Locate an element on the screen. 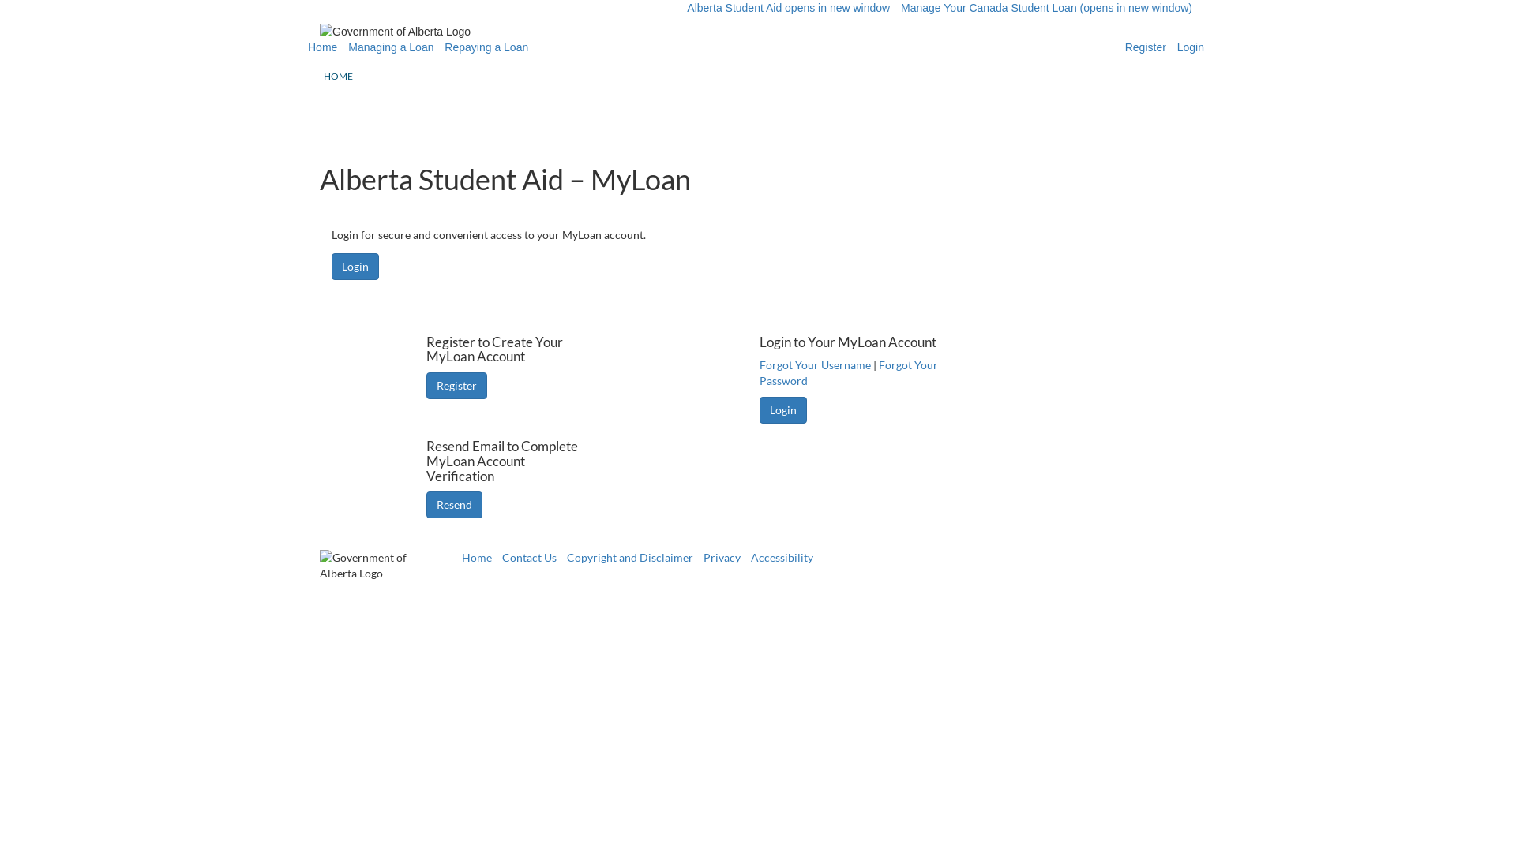 This screenshot has width=1516, height=852. 'Contact Us' is located at coordinates (501, 556).